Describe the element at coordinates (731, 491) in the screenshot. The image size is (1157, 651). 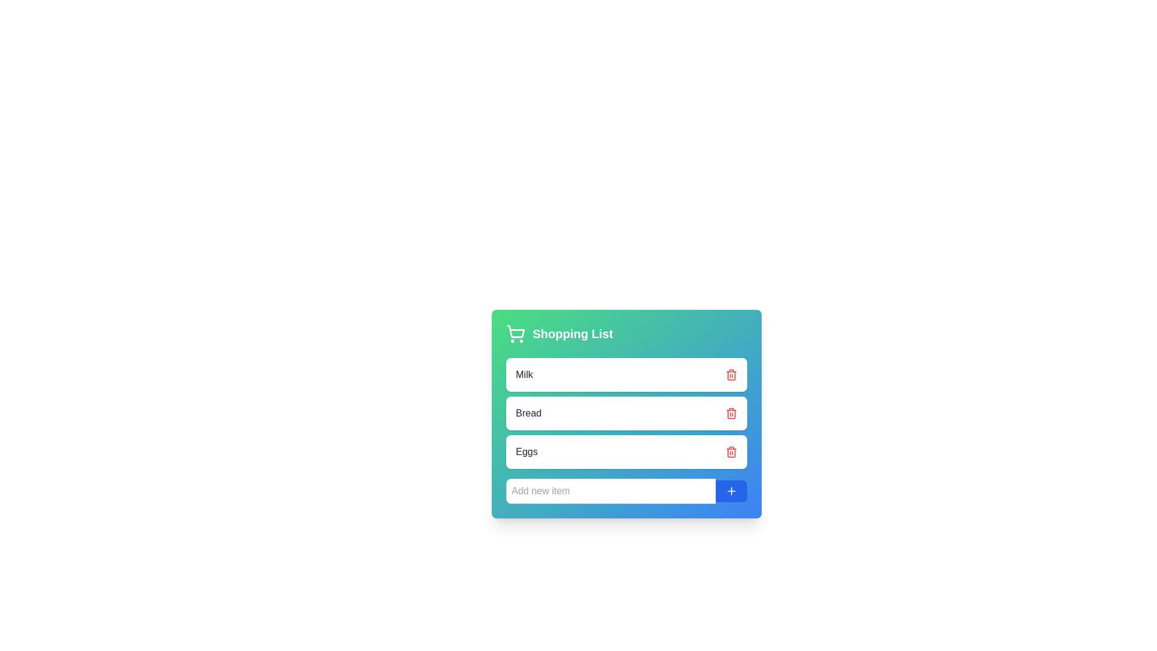
I see `the add icon located within the blue button adjacent to the right of the 'Add new item' text input field` at that location.